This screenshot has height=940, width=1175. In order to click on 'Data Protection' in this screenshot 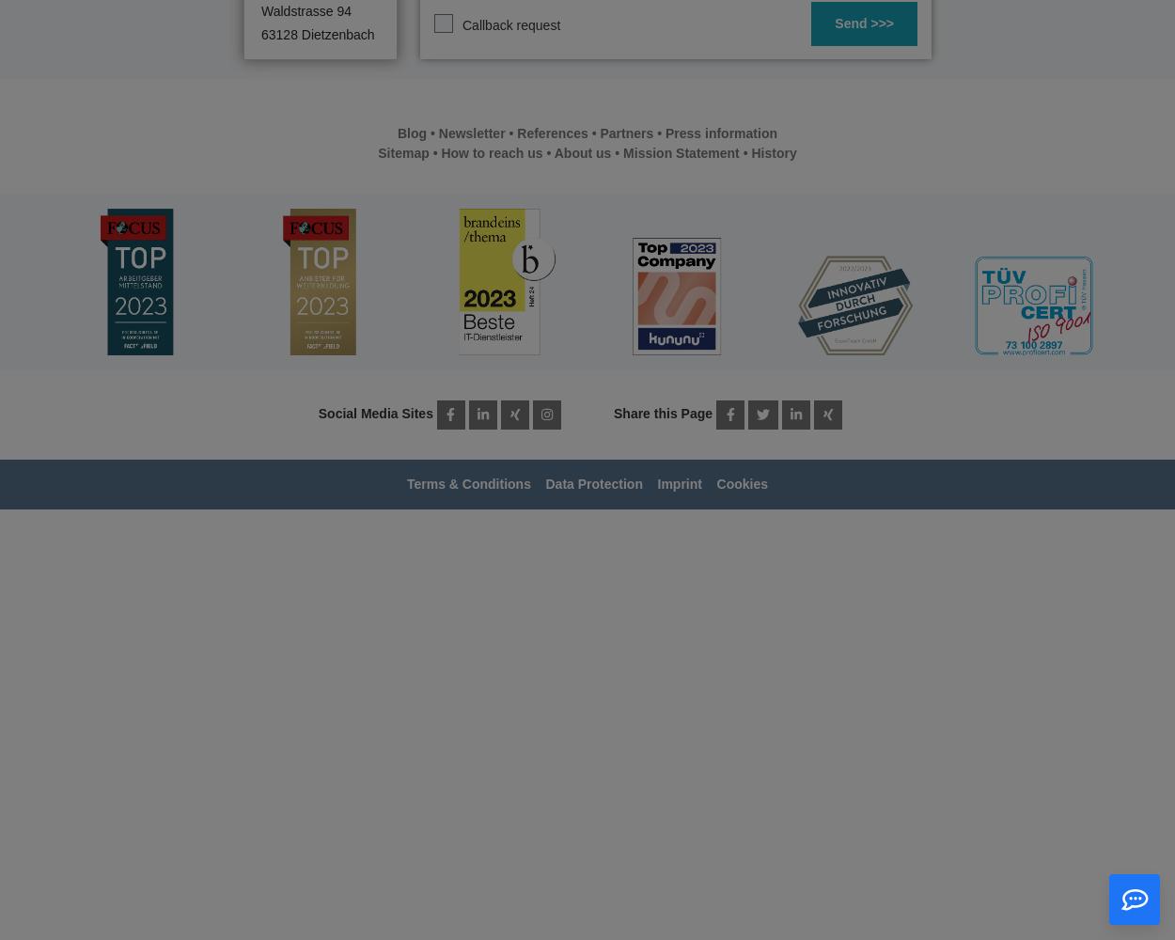, I will do `click(593, 484)`.